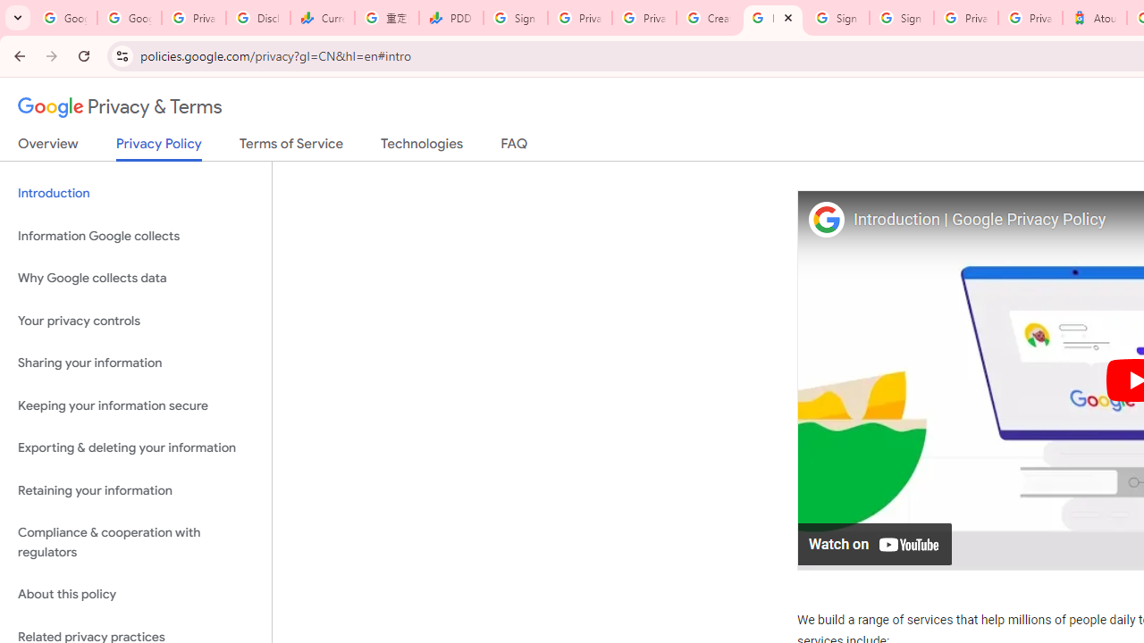 This screenshot has height=643, width=1144. Describe the element at coordinates (836, 18) in the screenshot. I see `'Sign in - Google Accounts'` at that location.